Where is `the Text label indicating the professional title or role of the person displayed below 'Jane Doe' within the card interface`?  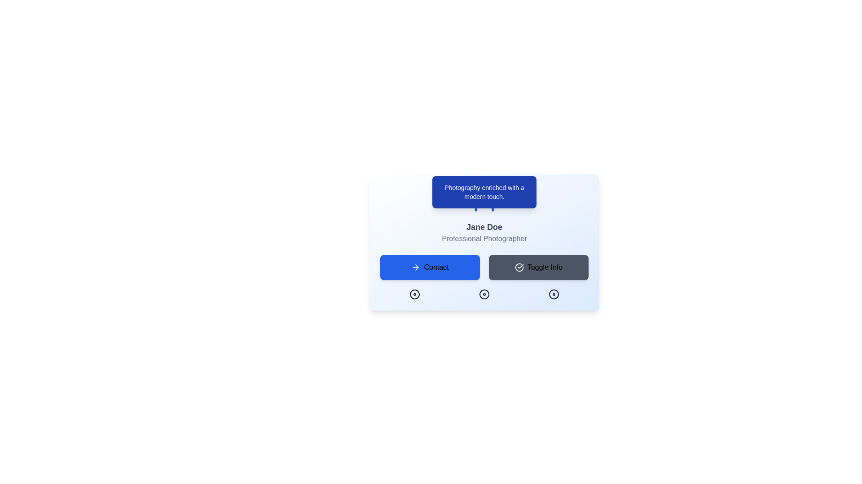
the Text label indicating the professional title or role of the person displayed below 'Jane Doe' within the card interface is located at coordinates (484, 238).